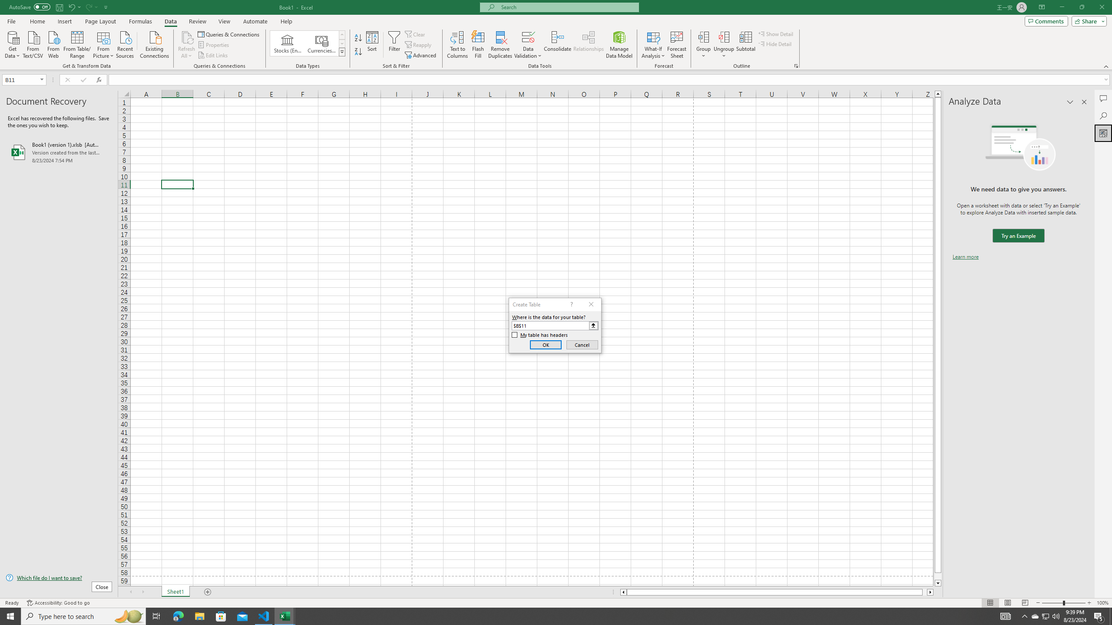 The image size is (1112, 625). Describe the element at coordinates (53, 43) in the screenshot. I see `'From Web'` at that location.